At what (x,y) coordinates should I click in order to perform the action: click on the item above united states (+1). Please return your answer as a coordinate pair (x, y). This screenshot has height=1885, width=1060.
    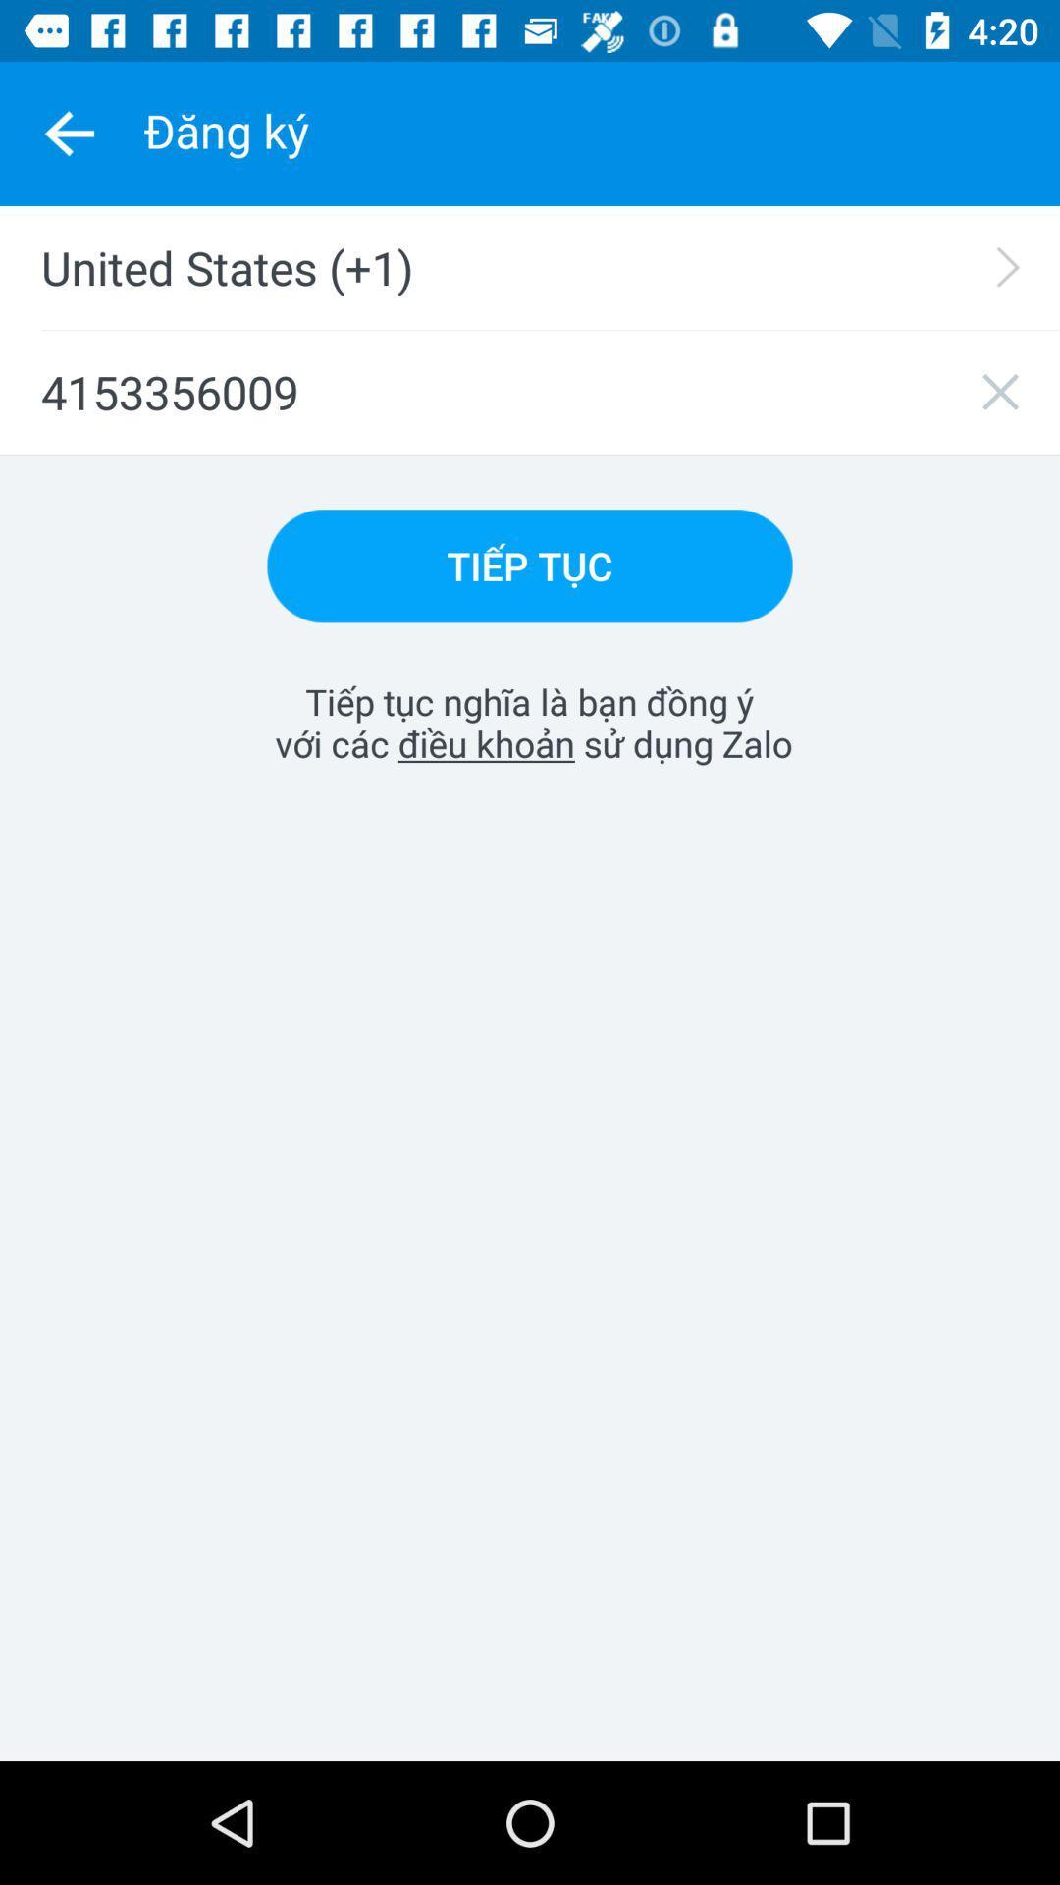
    Looking at the image, I should click on (68, 133).